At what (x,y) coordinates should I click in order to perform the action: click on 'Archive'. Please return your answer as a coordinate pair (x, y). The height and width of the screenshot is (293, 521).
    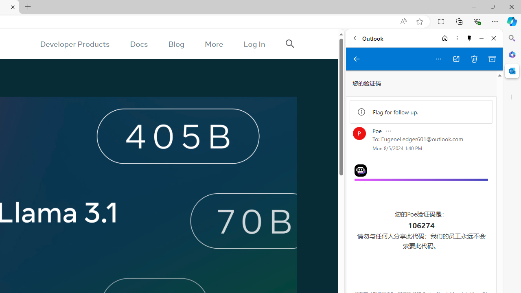
    Looking at the image, I should click on (491, 59).